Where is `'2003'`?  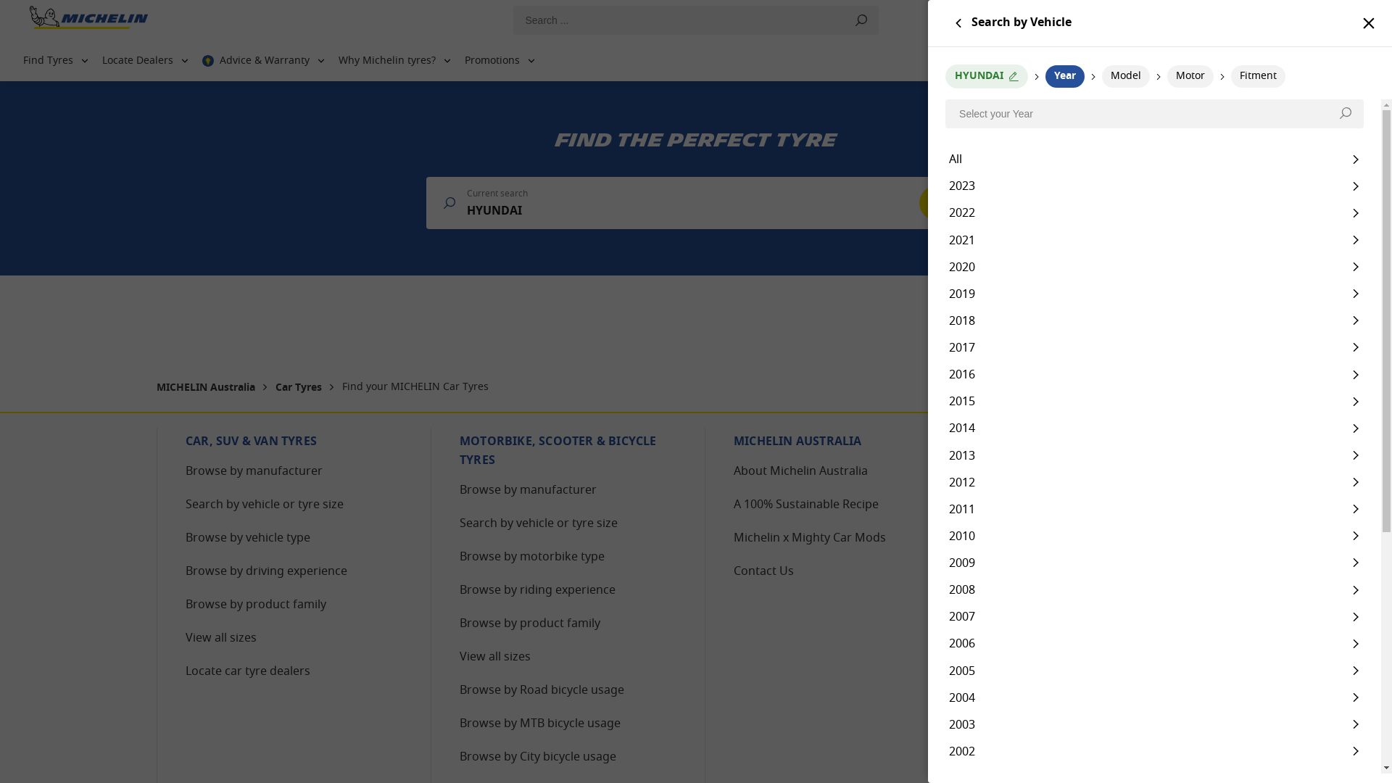 '2003' is located at coordinates (1153, 724).